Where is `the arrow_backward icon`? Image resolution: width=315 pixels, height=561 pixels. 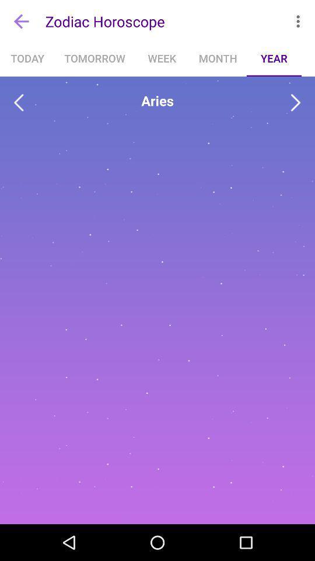 the arrow_backward icon is located at coordinates (18, 102).